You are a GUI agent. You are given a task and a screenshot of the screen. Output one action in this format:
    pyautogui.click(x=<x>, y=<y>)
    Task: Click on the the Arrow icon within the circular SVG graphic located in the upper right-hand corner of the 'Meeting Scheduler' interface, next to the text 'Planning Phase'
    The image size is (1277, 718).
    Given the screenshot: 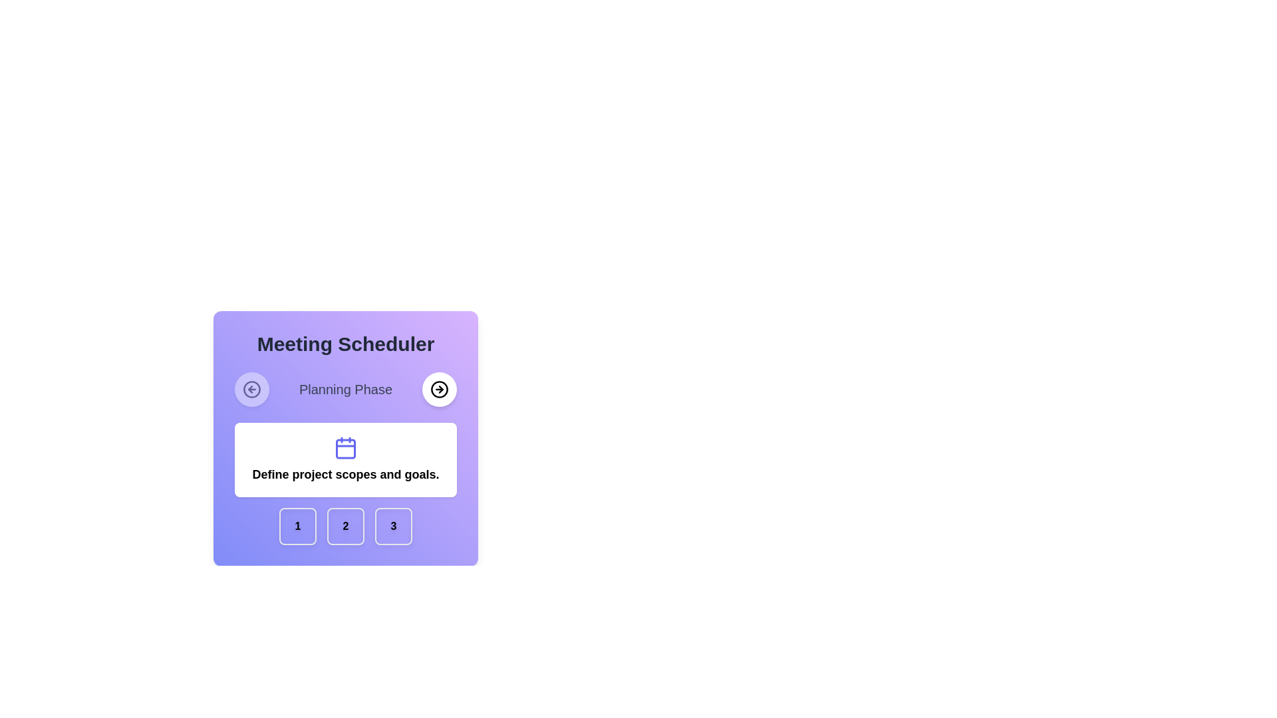 What is the action you would take?
    pyautogui.click(x=441, y=389)
    